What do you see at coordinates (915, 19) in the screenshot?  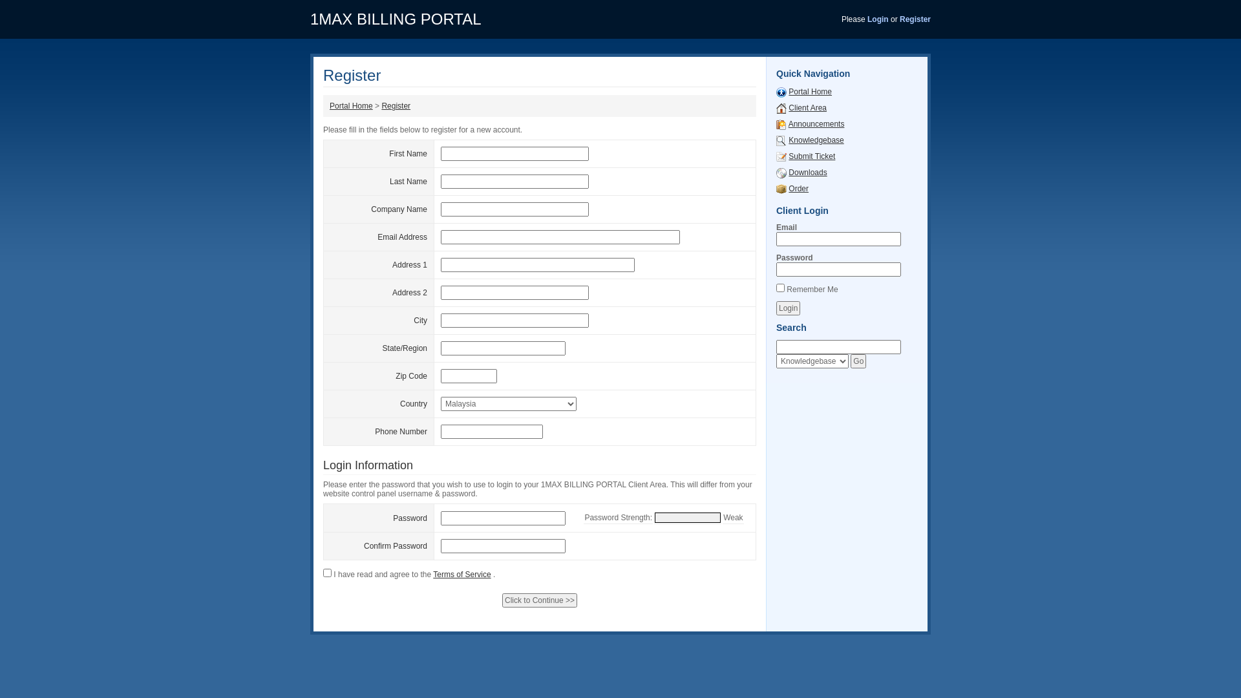 I see `'Register'` at bounding box center [915, 19].